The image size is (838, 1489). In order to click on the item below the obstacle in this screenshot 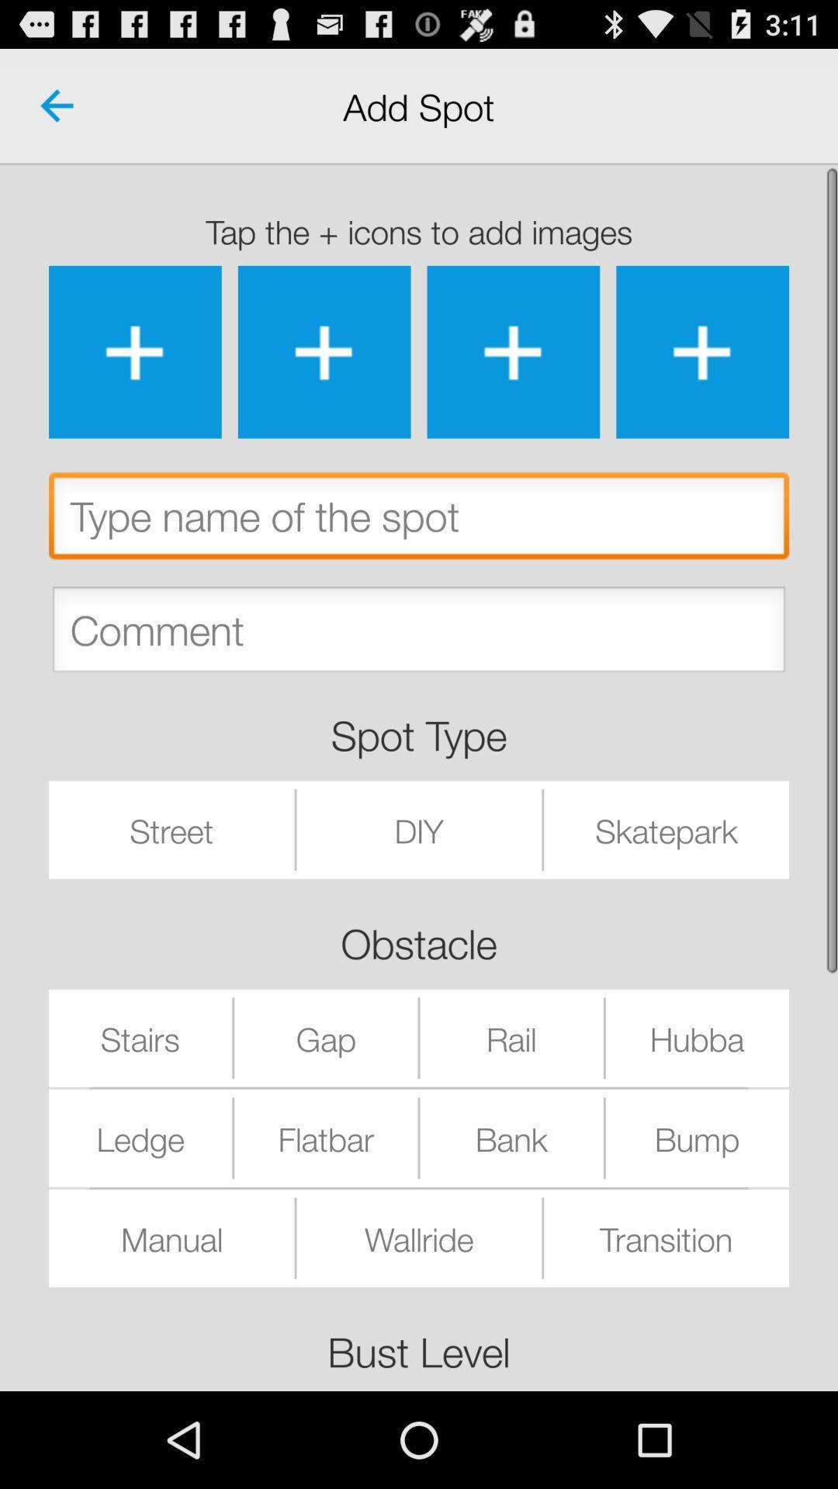, I will do `click(325, 1038)`.